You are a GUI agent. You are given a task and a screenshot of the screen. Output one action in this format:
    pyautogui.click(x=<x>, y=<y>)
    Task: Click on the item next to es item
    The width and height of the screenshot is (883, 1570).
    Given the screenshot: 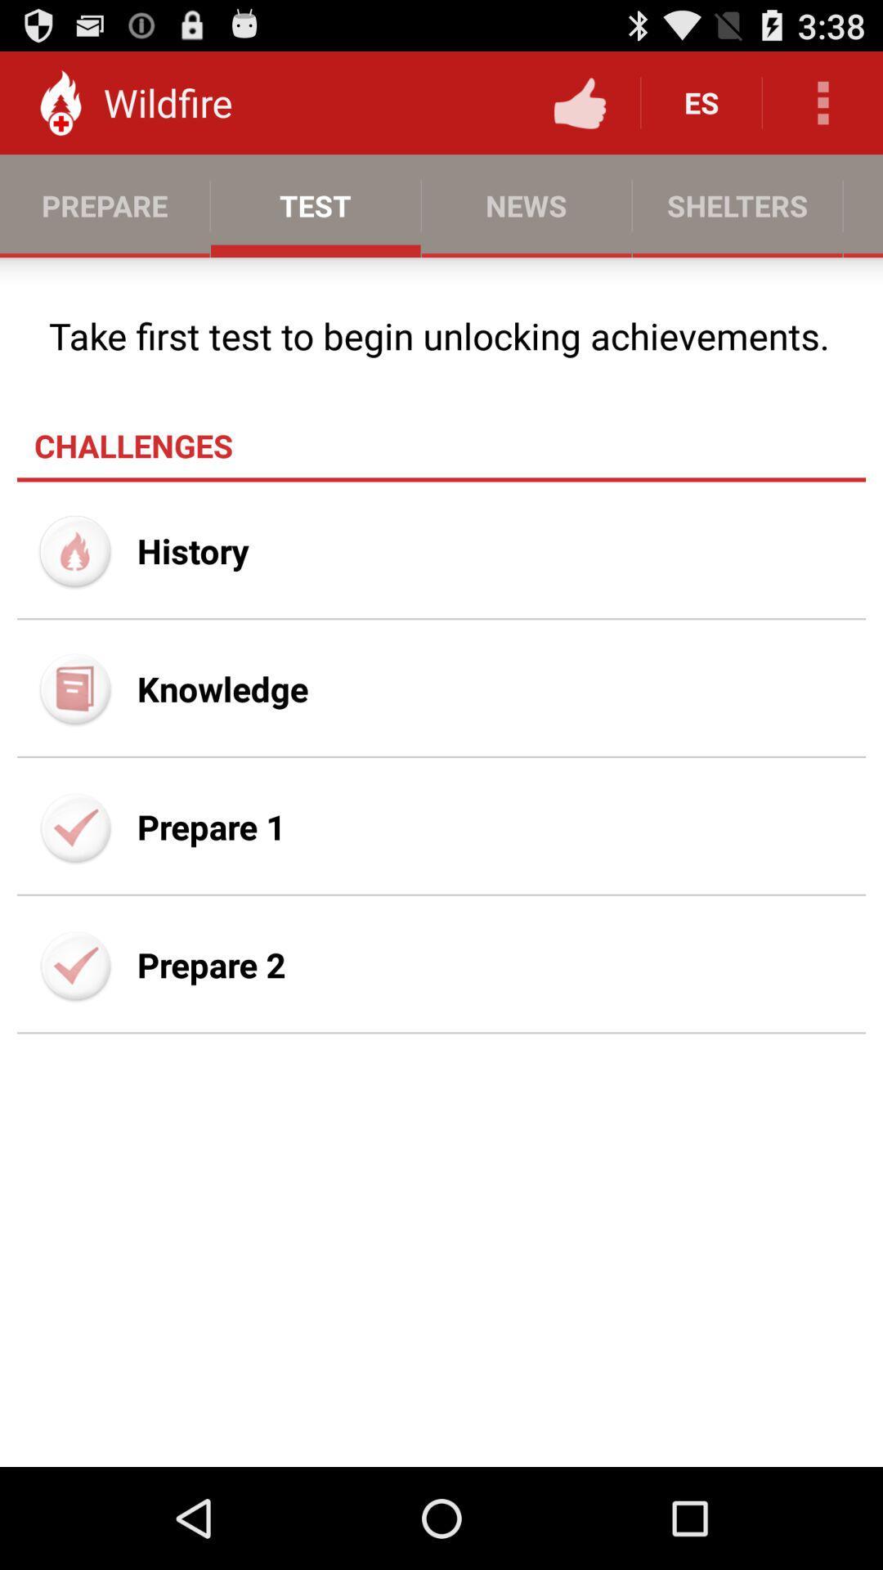 What is the action you would take?
    pyautogui.click(x=579, y=101)
    